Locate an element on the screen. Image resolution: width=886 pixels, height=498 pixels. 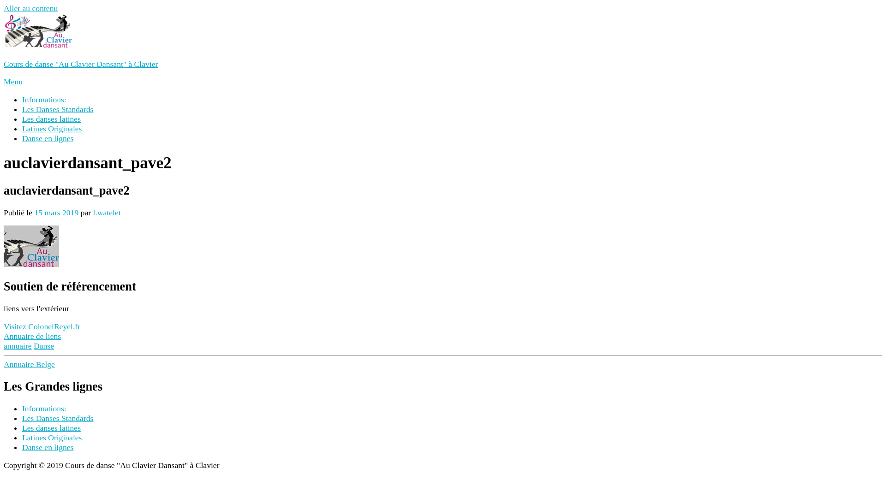
'Annuaire Belge' is located at coordinates (29, 364).